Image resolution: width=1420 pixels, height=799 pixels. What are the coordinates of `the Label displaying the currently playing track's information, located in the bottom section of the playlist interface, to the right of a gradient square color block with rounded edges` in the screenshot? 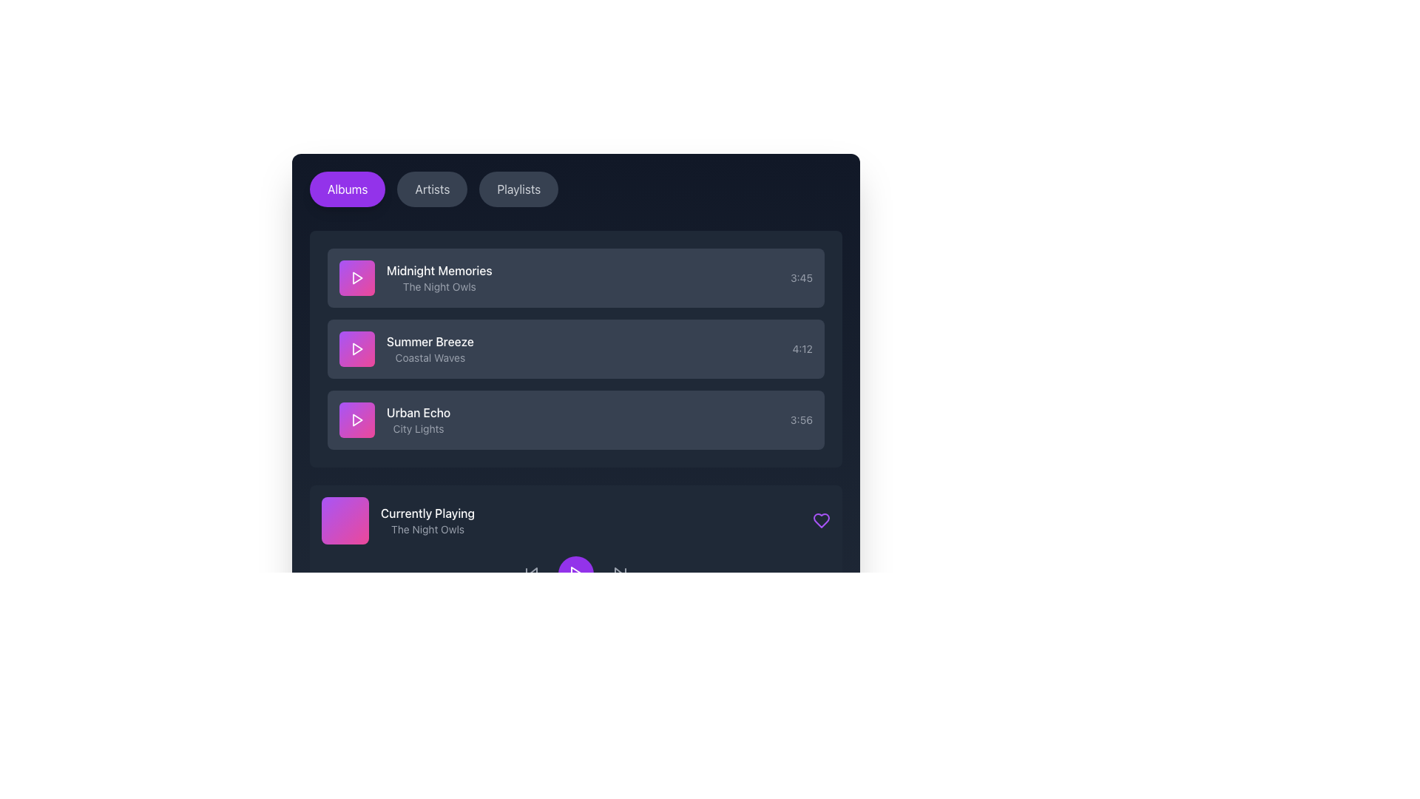 It's located at (427, 520).